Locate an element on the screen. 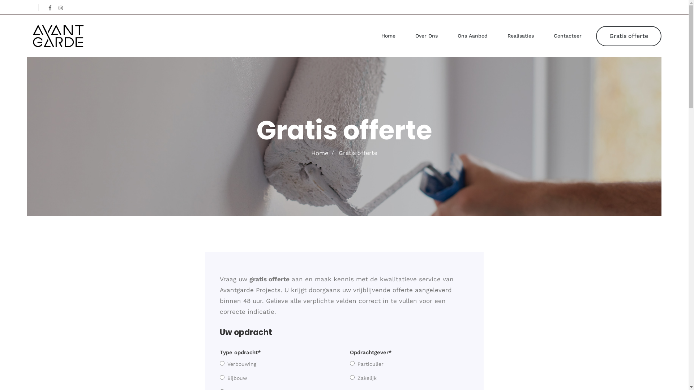 This screenshot has width=694, height=390. 'Contacteer' is located at coordinates (553, 36).